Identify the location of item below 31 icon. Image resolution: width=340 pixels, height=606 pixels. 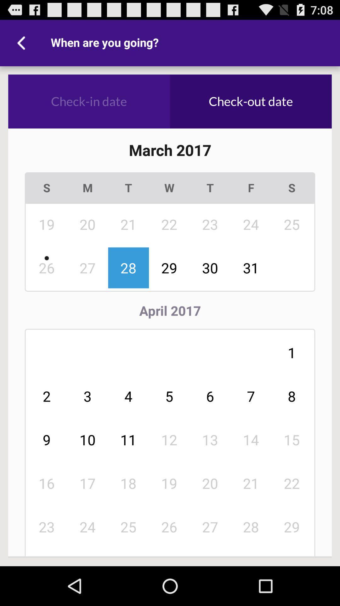
(292, 396).